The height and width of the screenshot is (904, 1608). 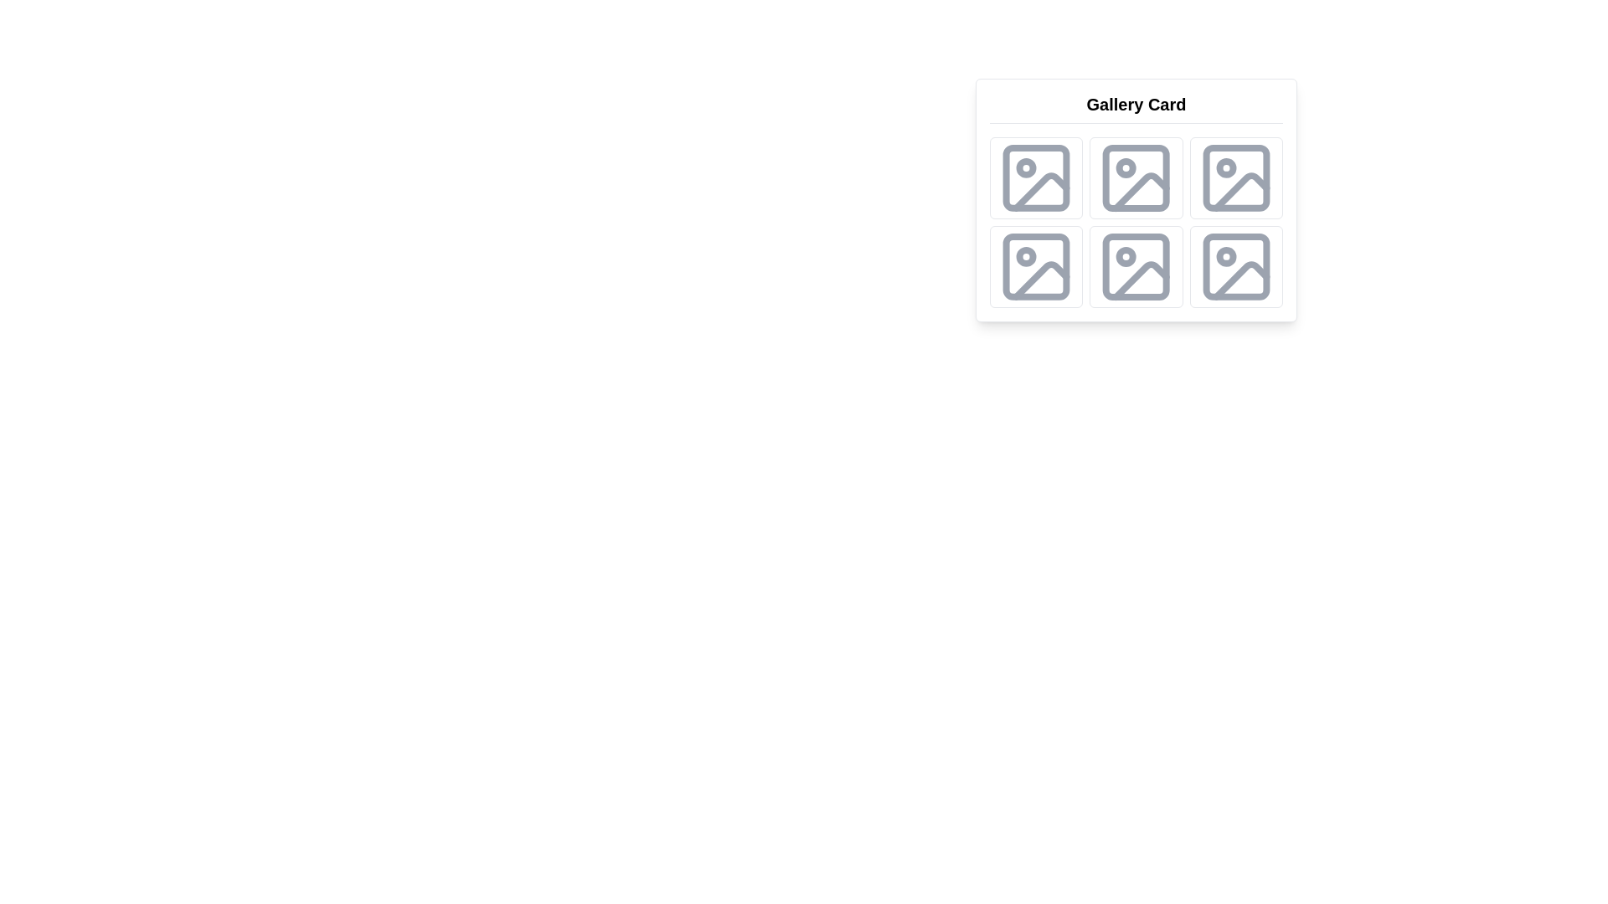 I want to click on the second card in the 'Gallery Card' grid layout, which has a picture frame icon and a label 'Caption 2', so click(x=1136, y=177).